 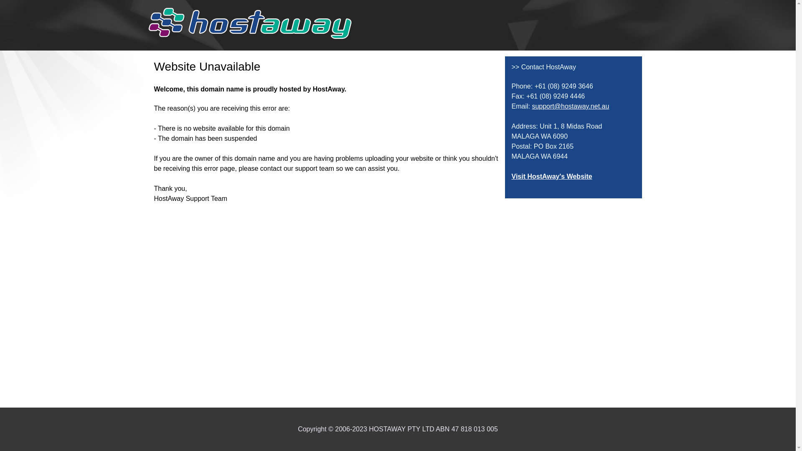 I want to click on 'Visit HostAway's Website', so click(x=551, y=176).